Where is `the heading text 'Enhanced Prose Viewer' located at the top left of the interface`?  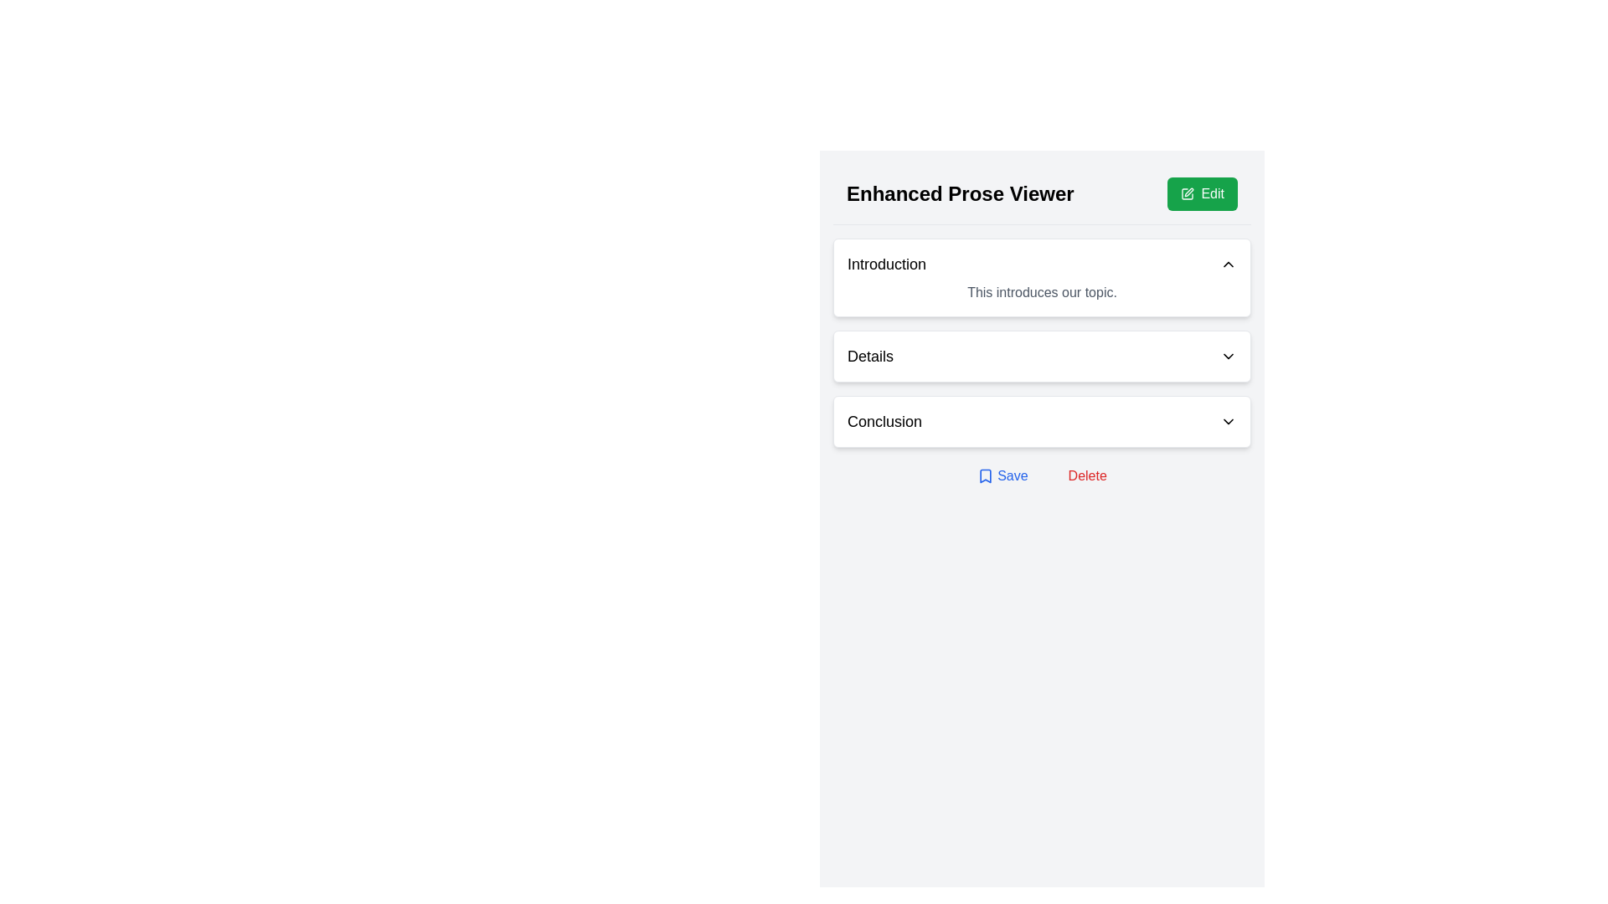
the heading text 'Enhanced Prose Viewer' located at the top left of the interface is located at coordinates (960, 193).